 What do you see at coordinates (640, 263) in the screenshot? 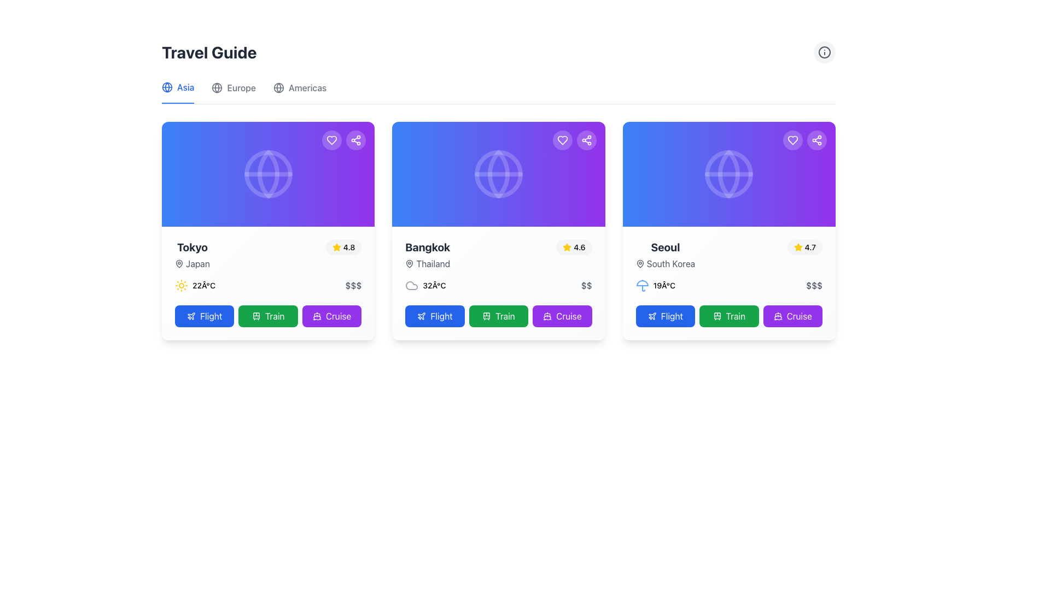
I see `the outline of the map pin symbol representing a location marker for Seoul, which is located in the upper area of the travel card` at bounding box center [640, 263].